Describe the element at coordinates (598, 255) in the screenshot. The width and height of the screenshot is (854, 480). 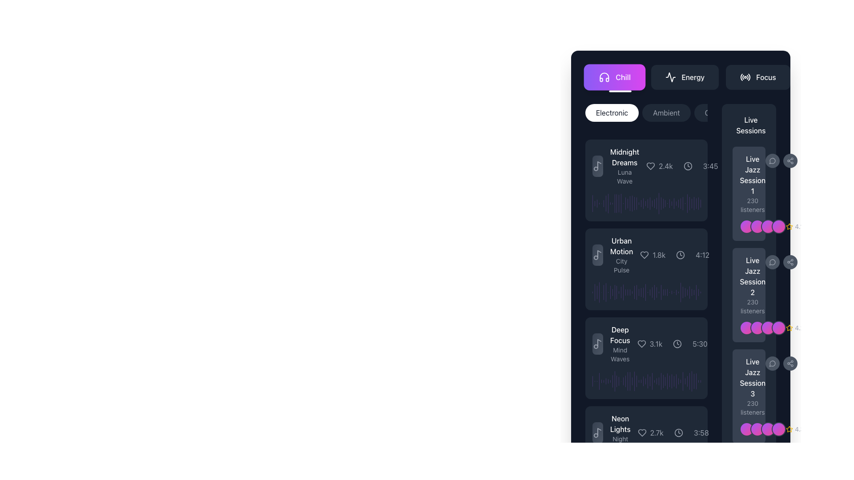
I see `the circular icon with a musical note graphic located at the top left of the 'Urban Motion' track card` at that location.